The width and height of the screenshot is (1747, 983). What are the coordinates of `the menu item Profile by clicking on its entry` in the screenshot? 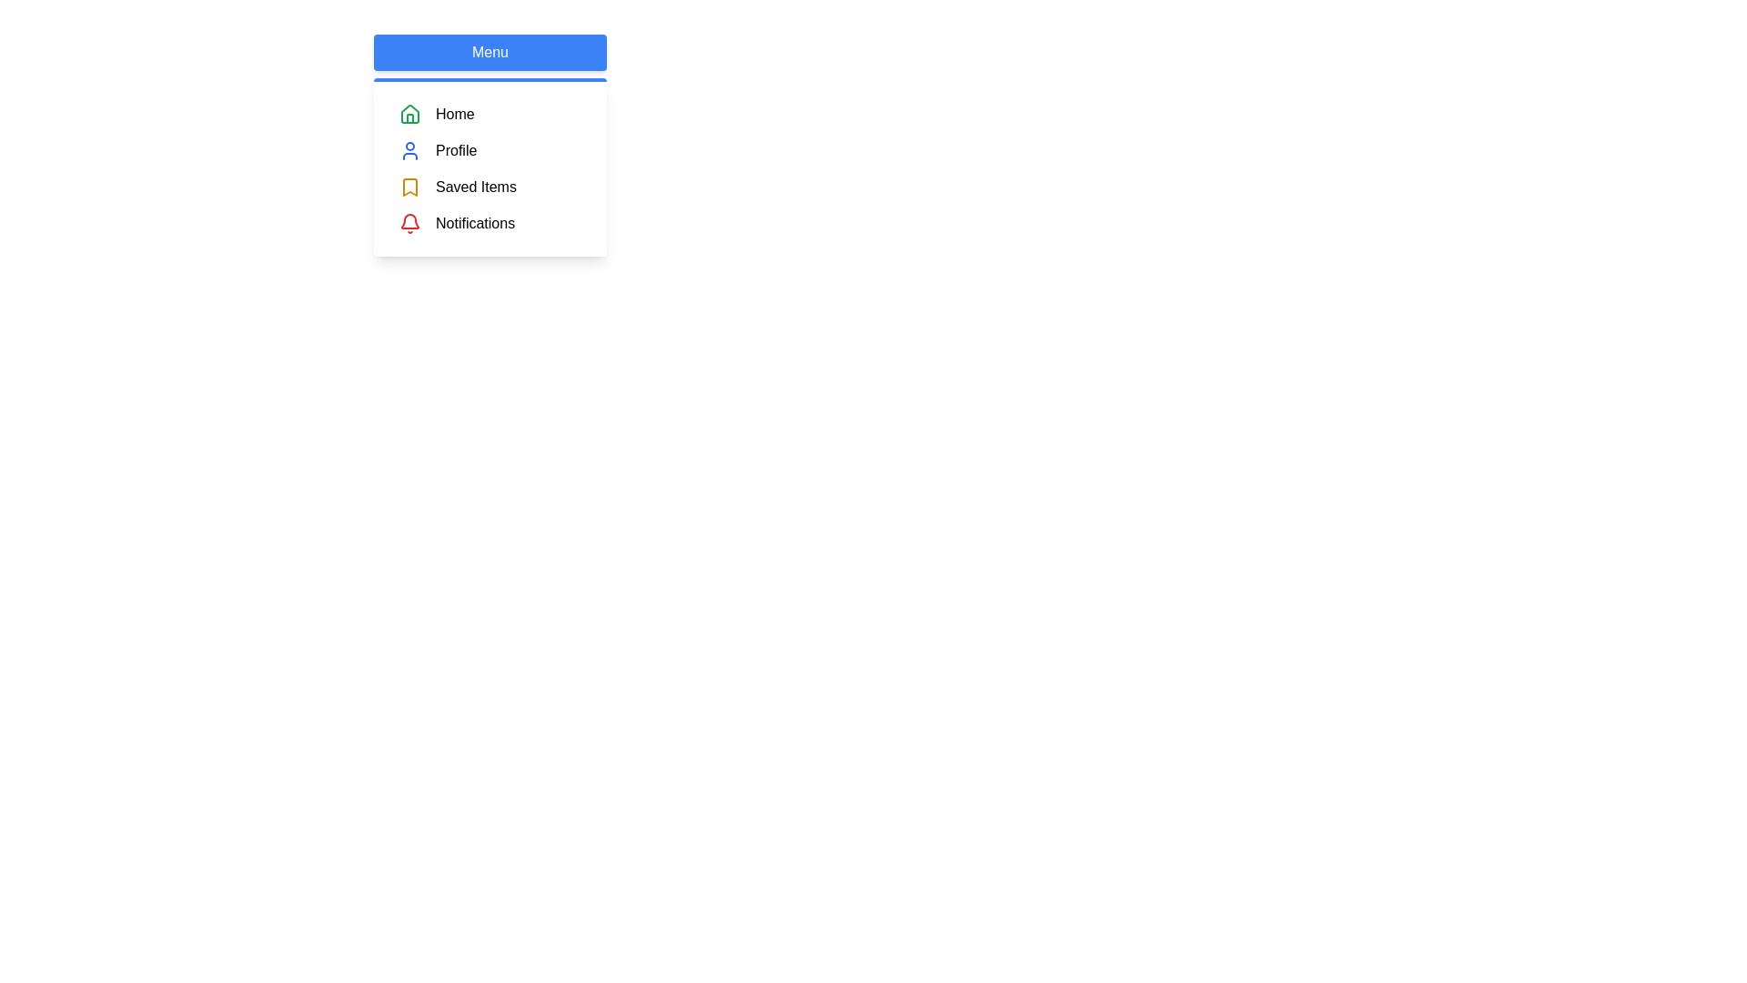 It's located at (490, 149).